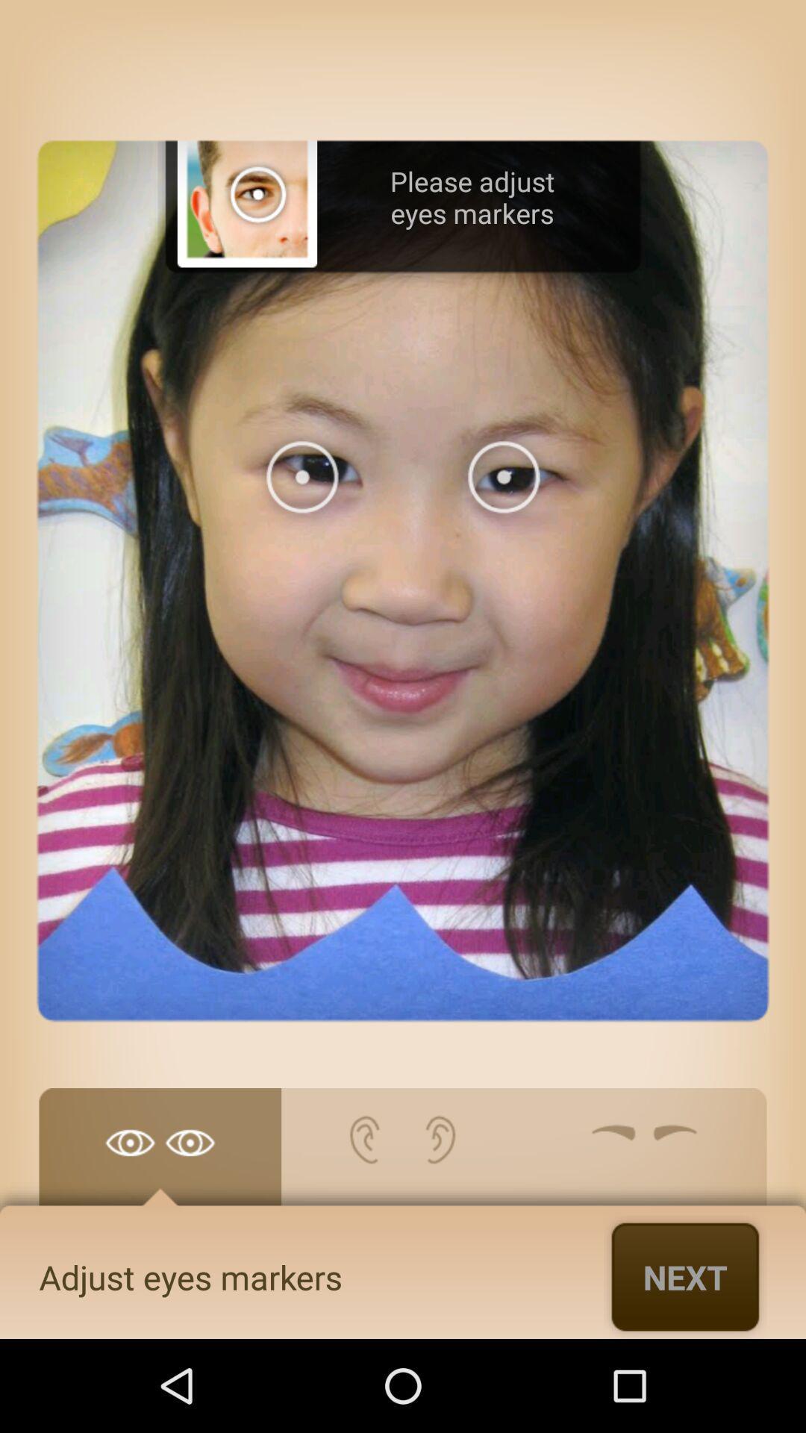  I want to click on the next icon, so click(685, 1276).